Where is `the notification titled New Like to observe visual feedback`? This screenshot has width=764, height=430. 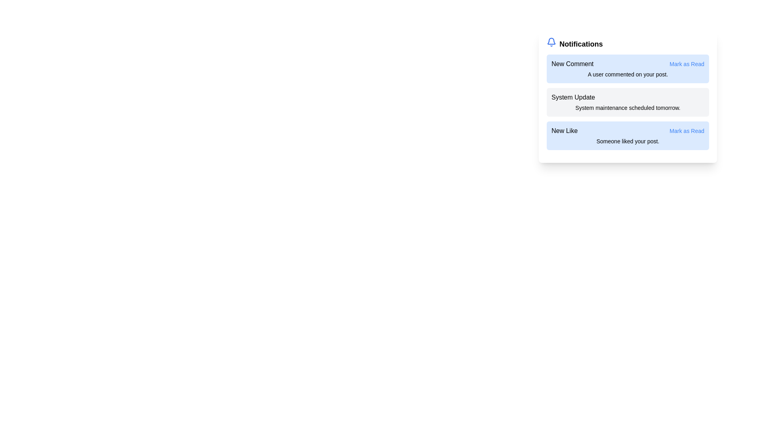 the notification titled New Like to observe visual feedback is located at coordinates (628, 135).